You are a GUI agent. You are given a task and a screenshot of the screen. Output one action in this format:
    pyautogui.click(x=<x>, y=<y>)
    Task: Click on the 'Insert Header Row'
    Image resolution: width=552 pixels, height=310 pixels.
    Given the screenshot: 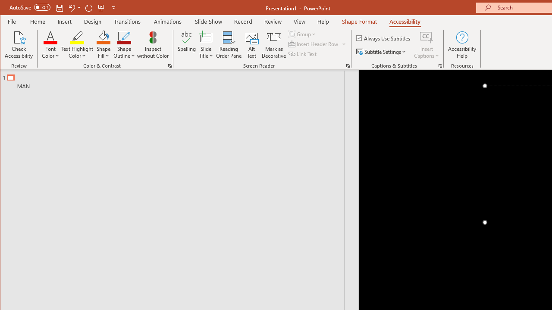 What is the action you would take?
    pyautogui.click(x=317, y=44)
    